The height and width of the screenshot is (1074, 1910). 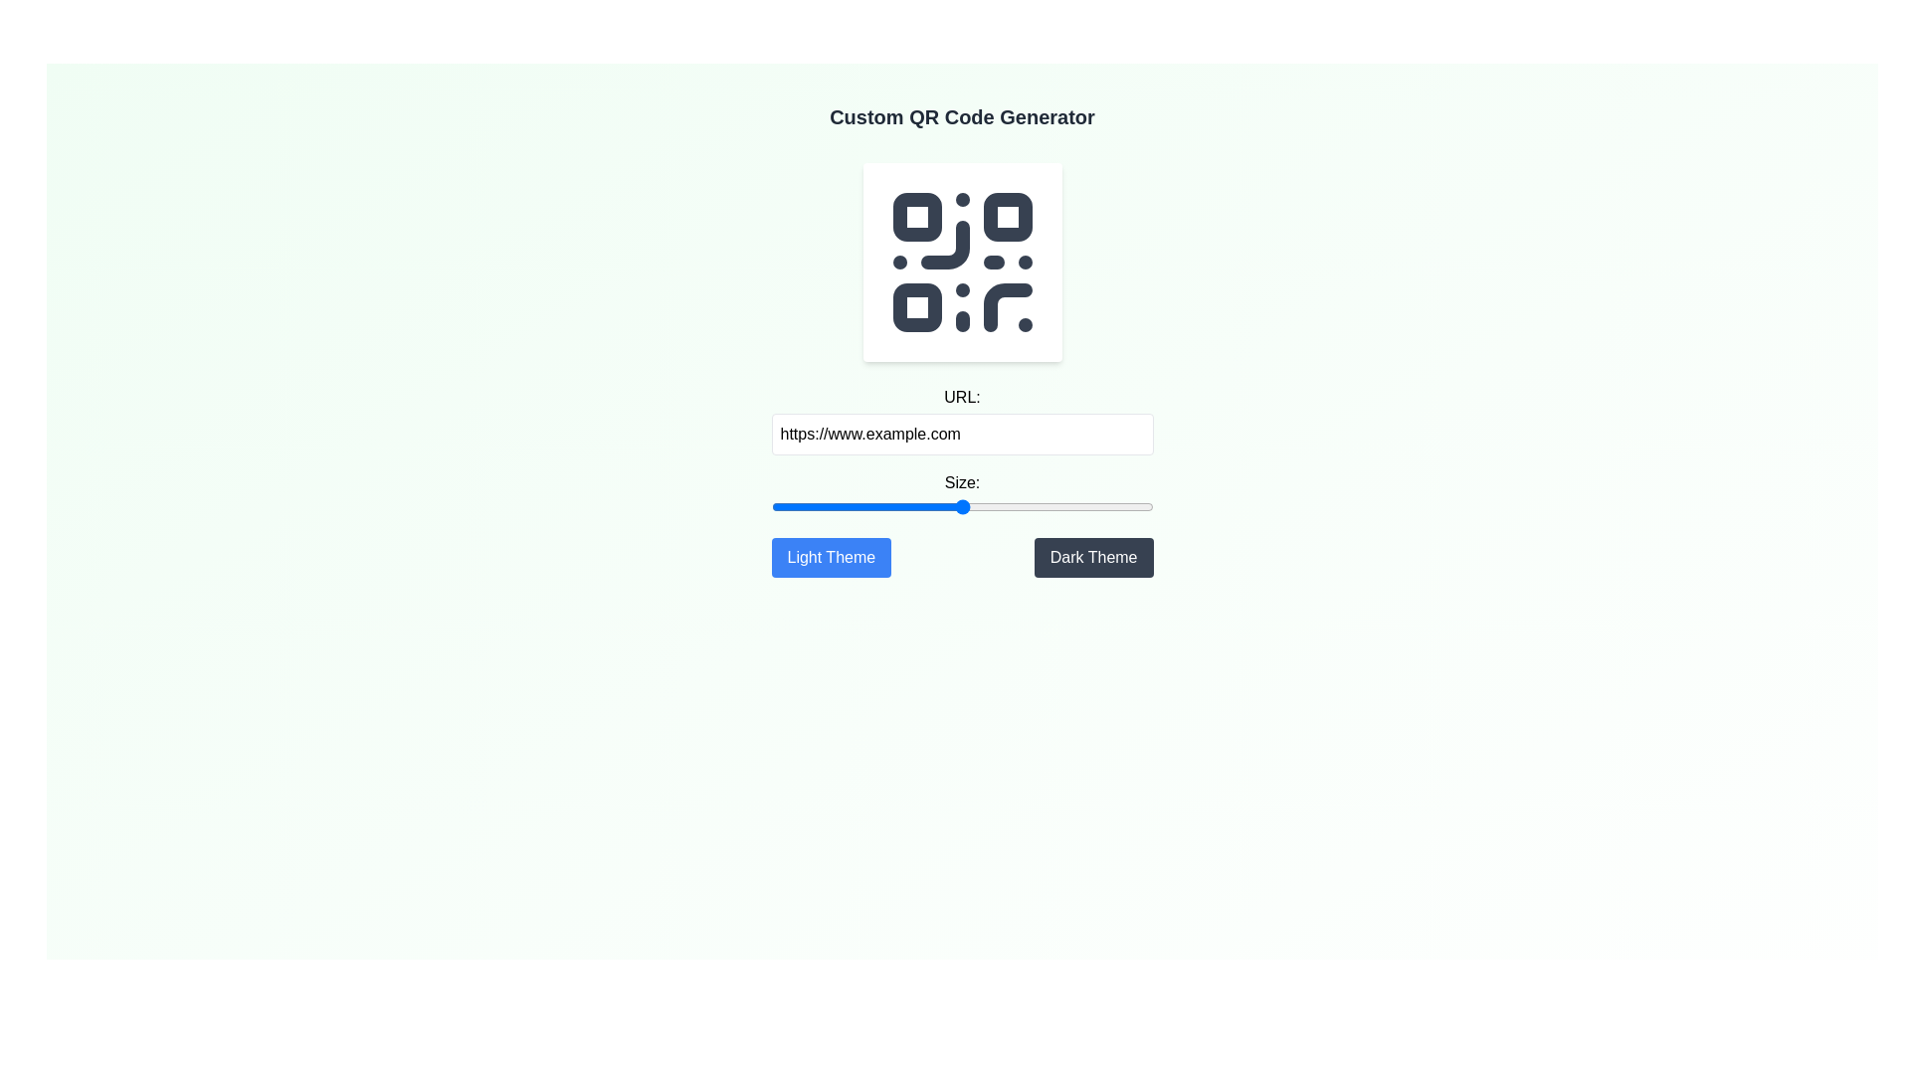 What do you see at coordinates (1118, 505) in the screenshot?
I see `the slider value` at bounding box center [1118, 505].